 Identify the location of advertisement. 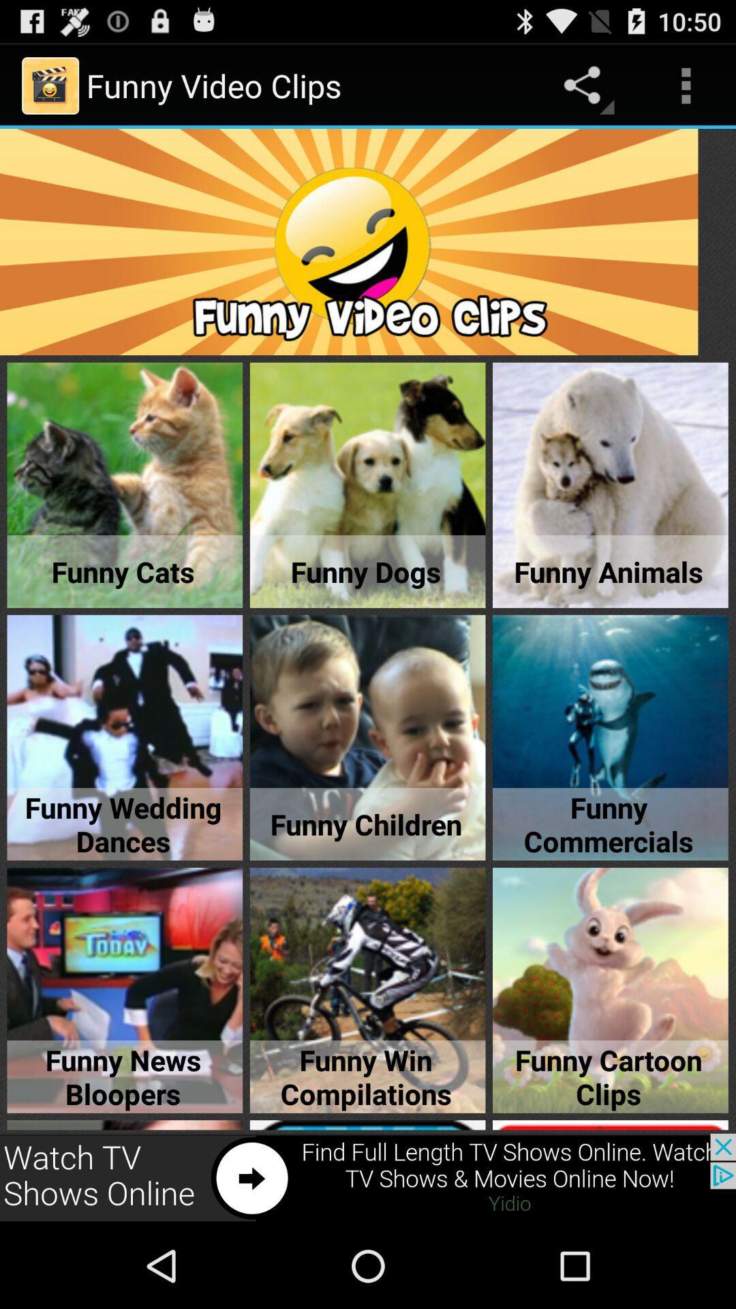
(368, 1177).